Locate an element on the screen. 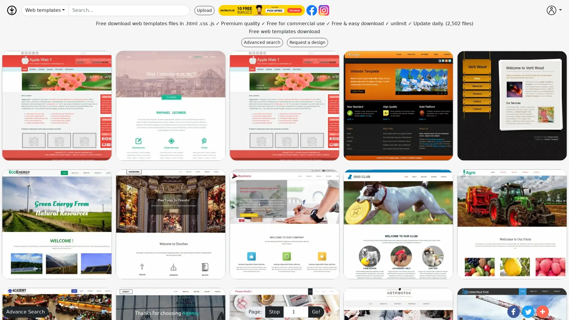 The image size is (569, 320). Share to Facebook is located at coordinates (504, 311).